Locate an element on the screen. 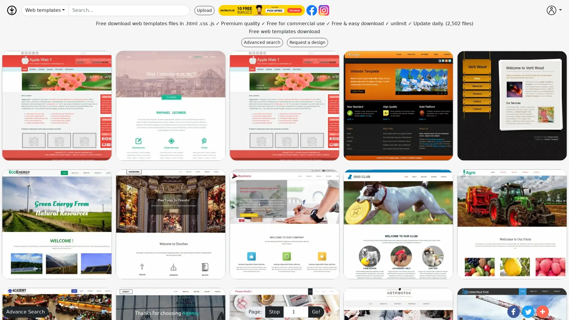 The image size is (569, 320). Share to Facebook is located at coordinates (504, 311).